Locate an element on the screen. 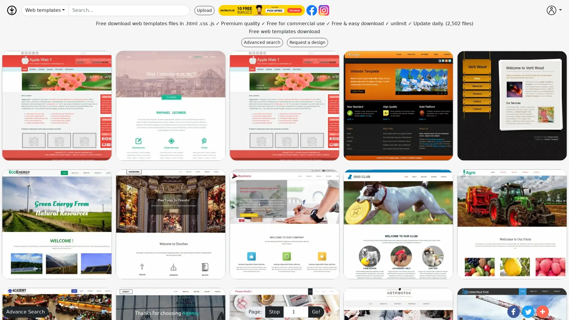 The image size is (569, 320). Share to Facebook is located at coordinates (504, 311).